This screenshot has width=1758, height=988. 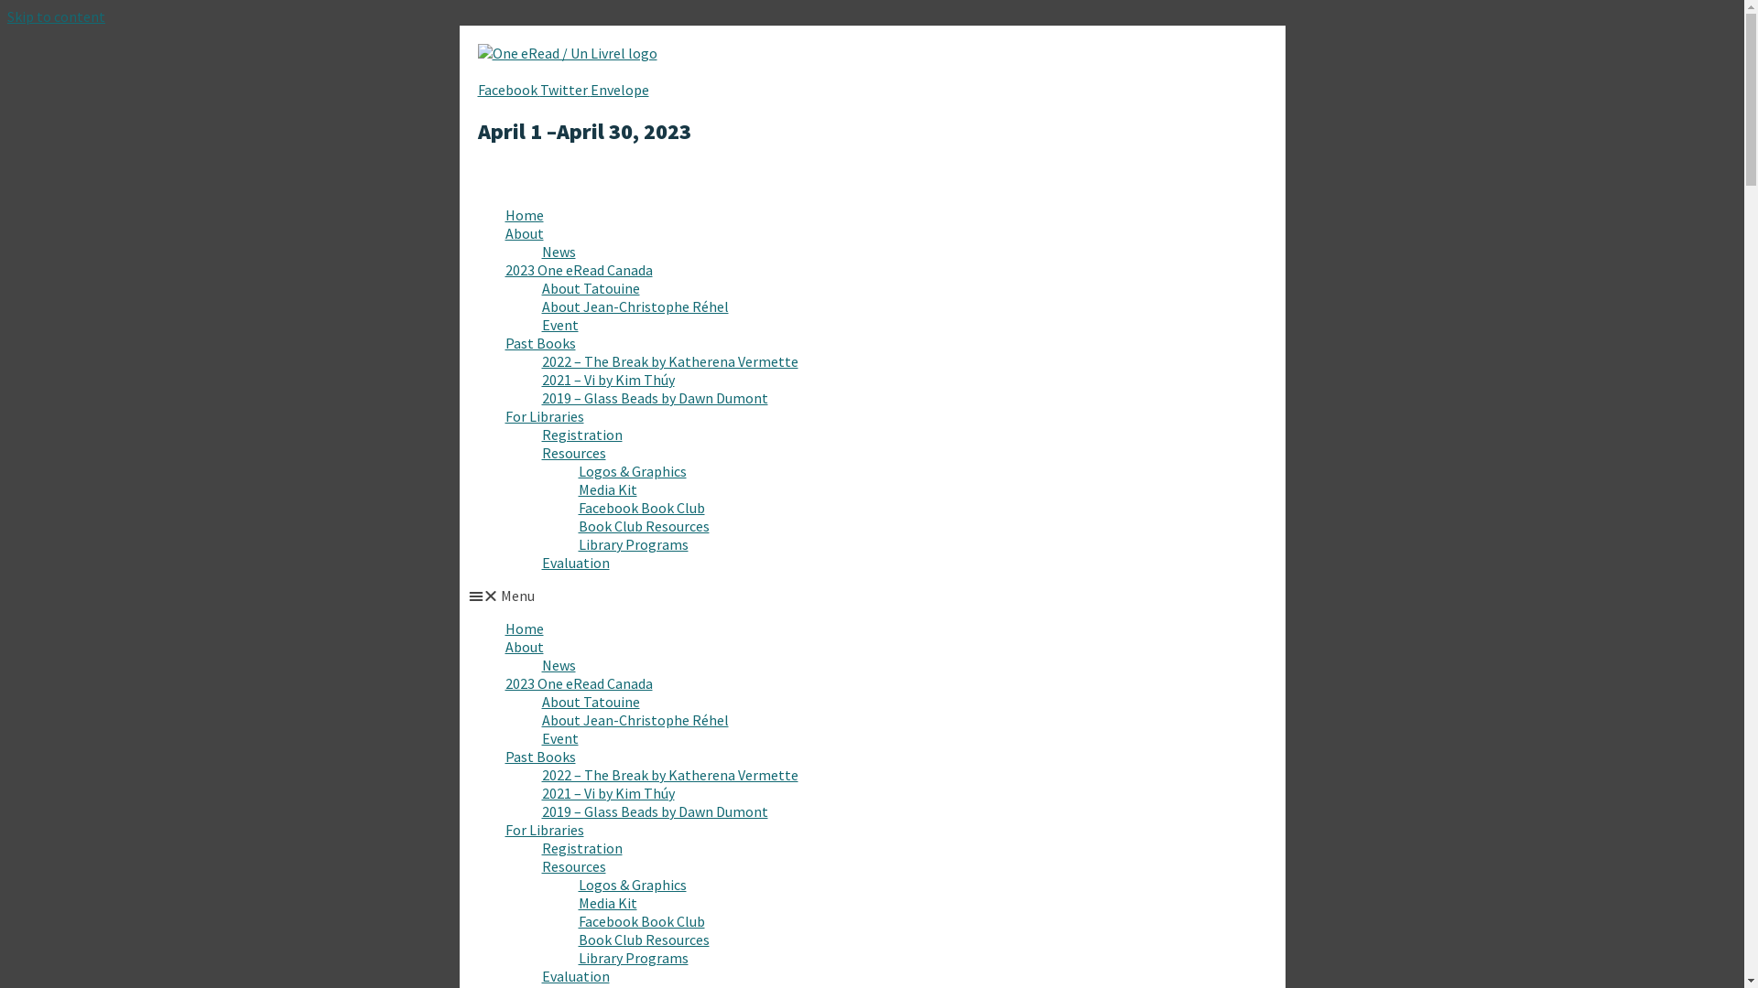 What do you see at coordinates (558, 251) in the screenshot?
I see `'News'` at bounding box center [558, 251].